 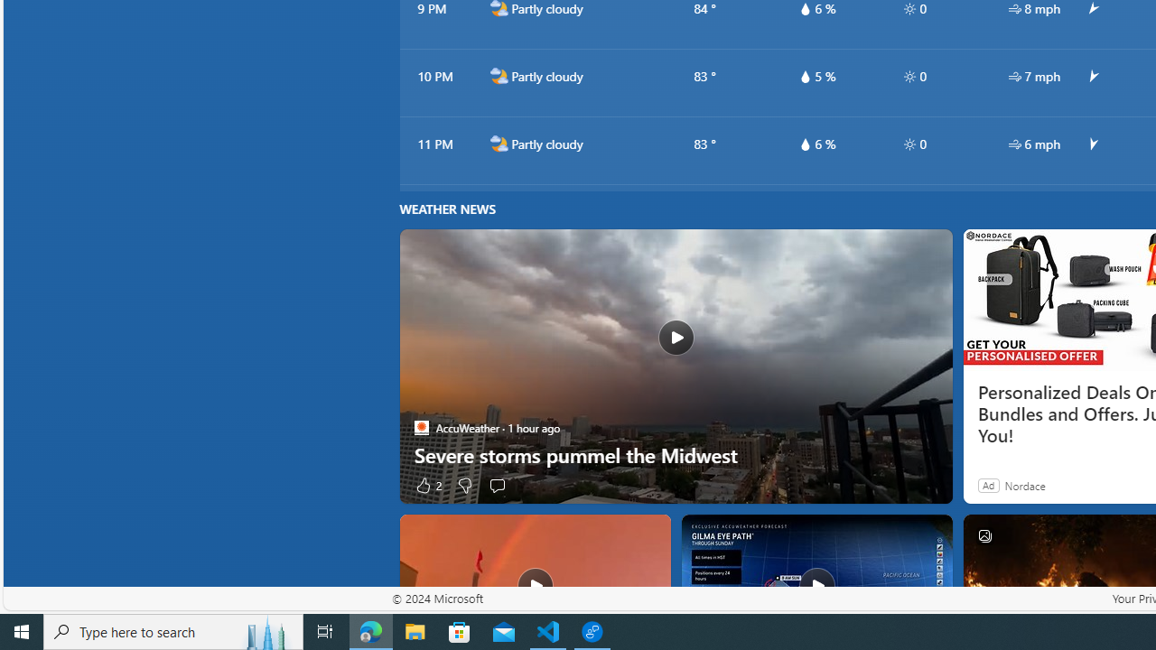 I want to click on 'hourlyTable/uv', so click(x=909, y=143).